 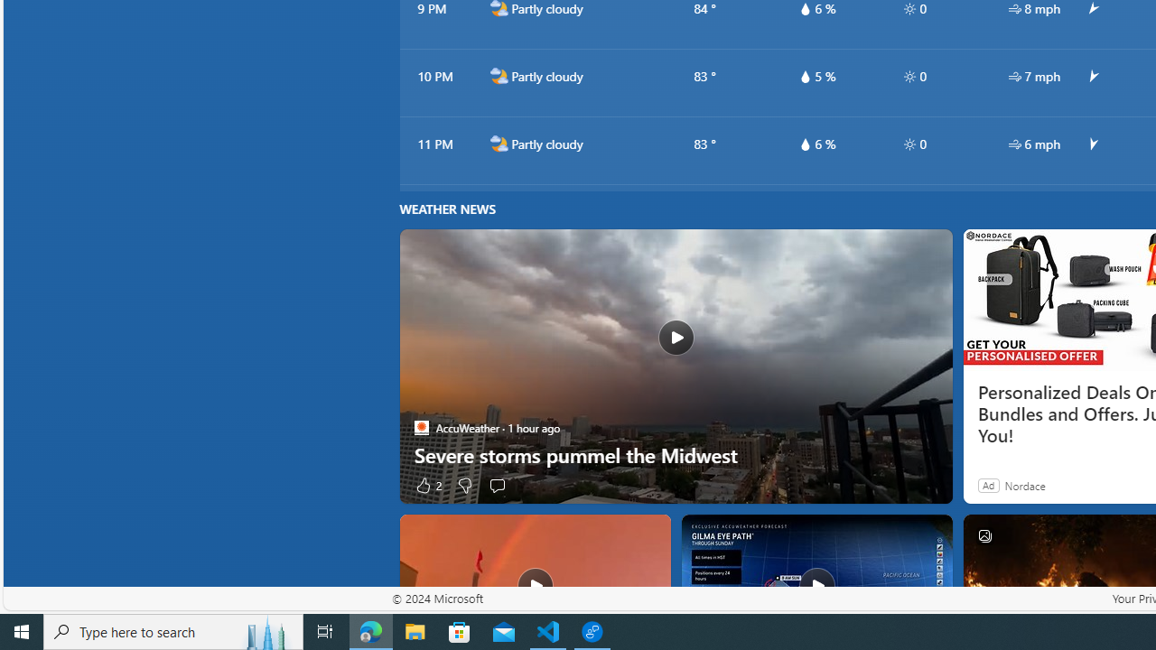 I want to click on 'hourlyTable/uv', so click(x=909, y=143).